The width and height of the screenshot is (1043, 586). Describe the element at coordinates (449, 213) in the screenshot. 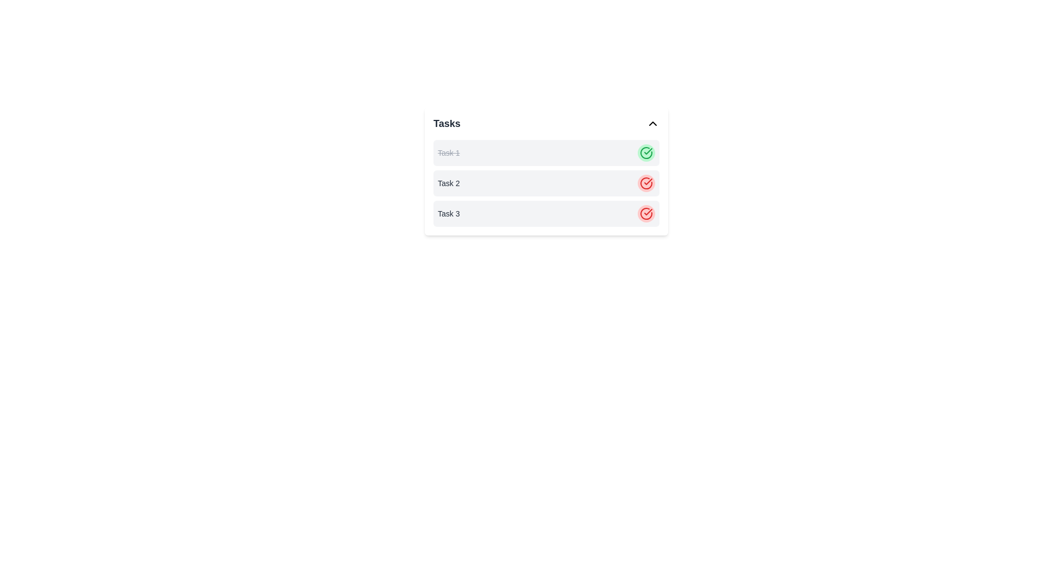

I see `the Text Label indicating the name or title of the third task in the task list, positioned directly below 'Task 2'` at that location.